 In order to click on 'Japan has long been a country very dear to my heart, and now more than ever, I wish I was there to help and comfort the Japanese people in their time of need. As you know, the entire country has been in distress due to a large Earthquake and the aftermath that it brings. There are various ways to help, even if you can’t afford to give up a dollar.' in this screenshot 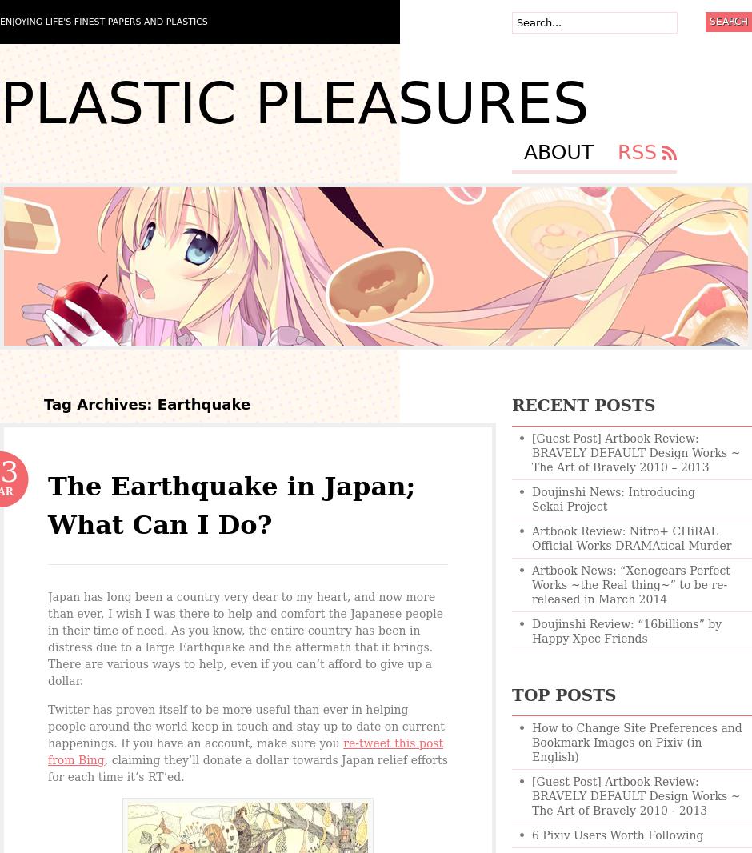, I will do `click(245, 638)`.